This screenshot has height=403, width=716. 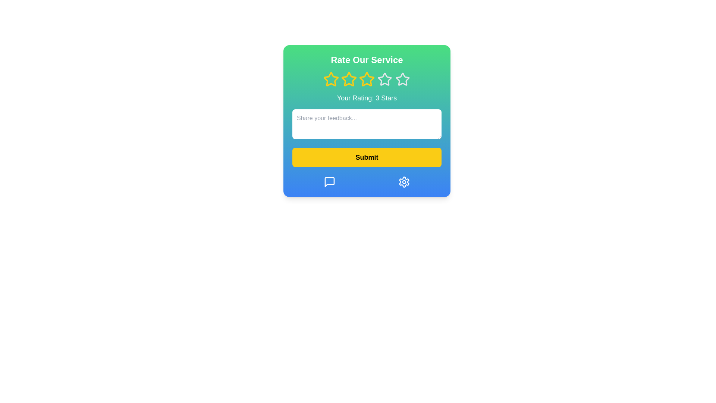 I want to click on the first star in the horizontal arrangement of rating stars located beneath the heading 'Rate Our Service' to rate this as one star, so click(x=331, y=79).